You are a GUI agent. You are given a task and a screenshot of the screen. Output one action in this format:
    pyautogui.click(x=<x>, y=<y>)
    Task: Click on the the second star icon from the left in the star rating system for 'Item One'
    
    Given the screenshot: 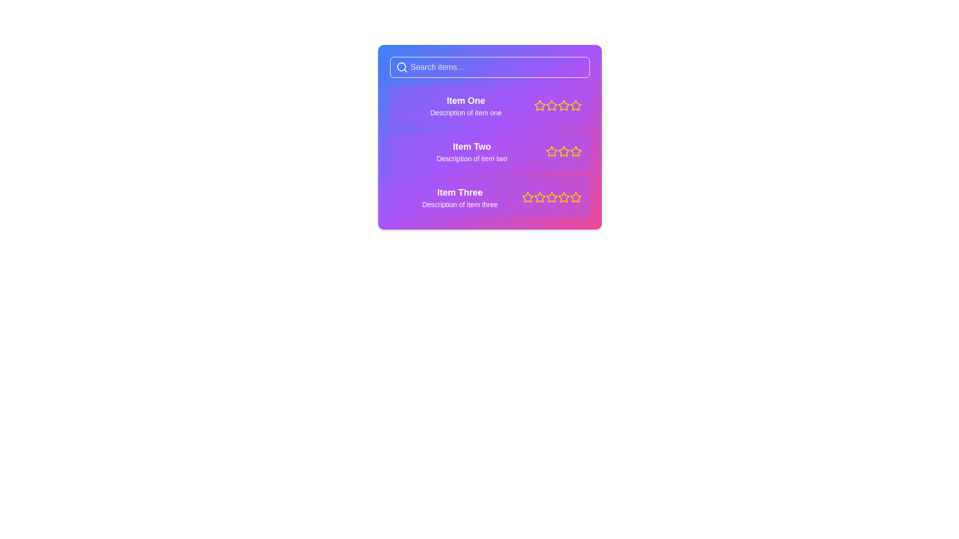 What is the action you would take?
    pyautogui.click(x=551, y=105)
    